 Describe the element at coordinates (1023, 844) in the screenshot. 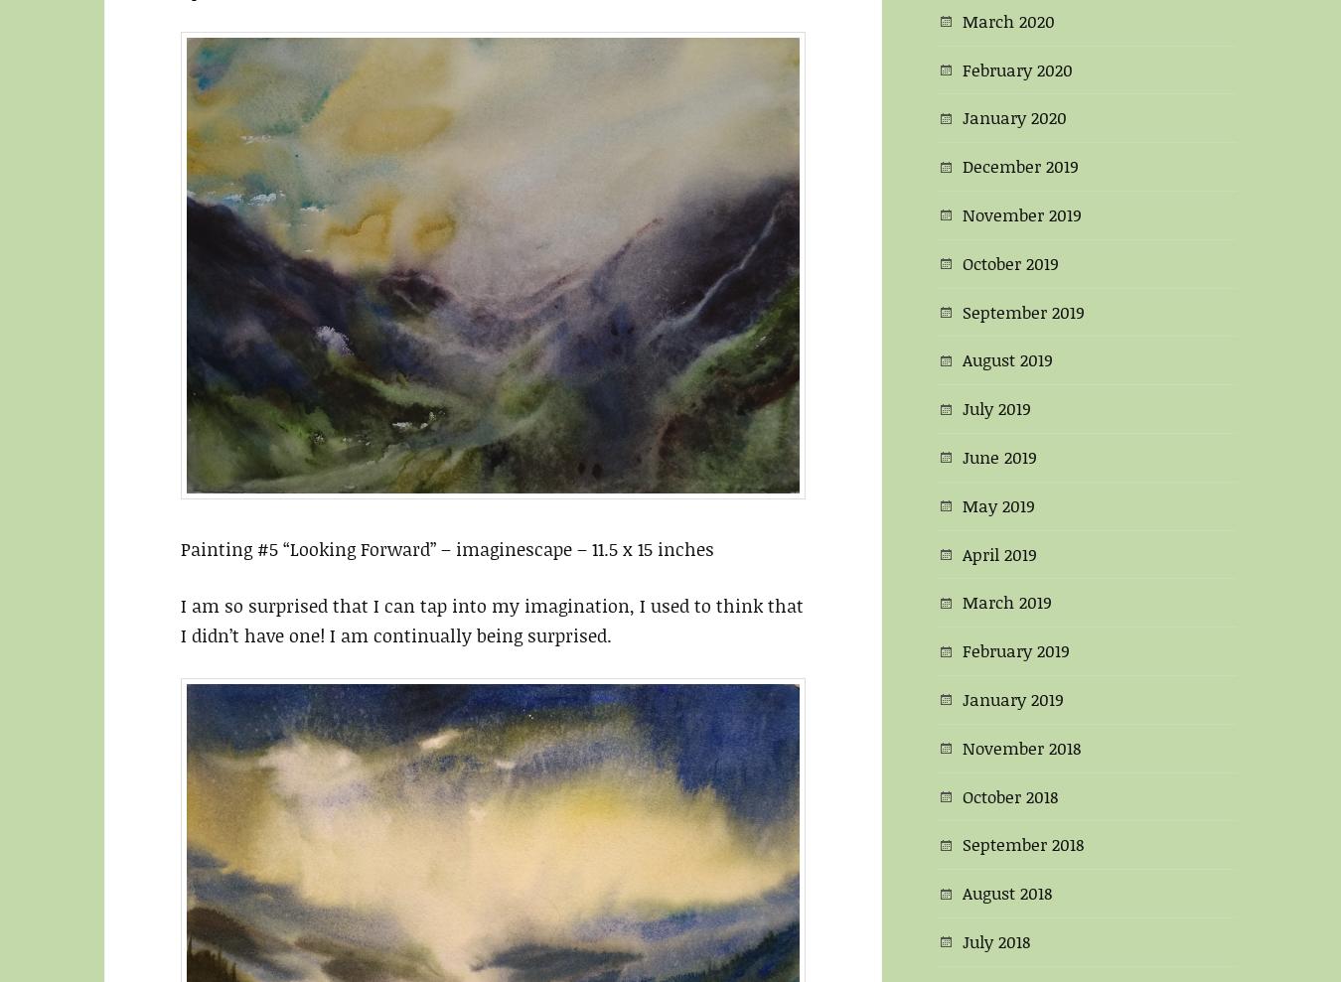

I see `'September 2018'` at that location.